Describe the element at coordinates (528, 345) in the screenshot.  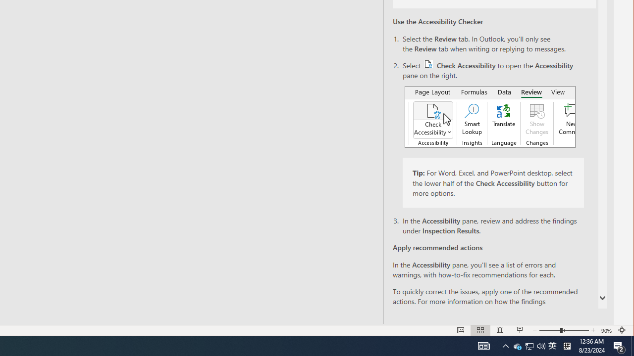
I see `'User Promoted Notification Area'` at that location.